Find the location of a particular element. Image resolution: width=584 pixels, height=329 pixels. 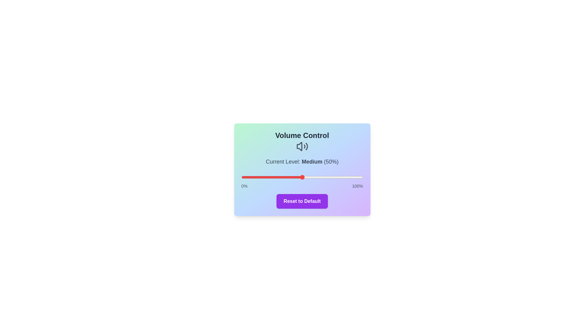

the volume to 43% by dragging the slider is located at coordinates (294, 177).